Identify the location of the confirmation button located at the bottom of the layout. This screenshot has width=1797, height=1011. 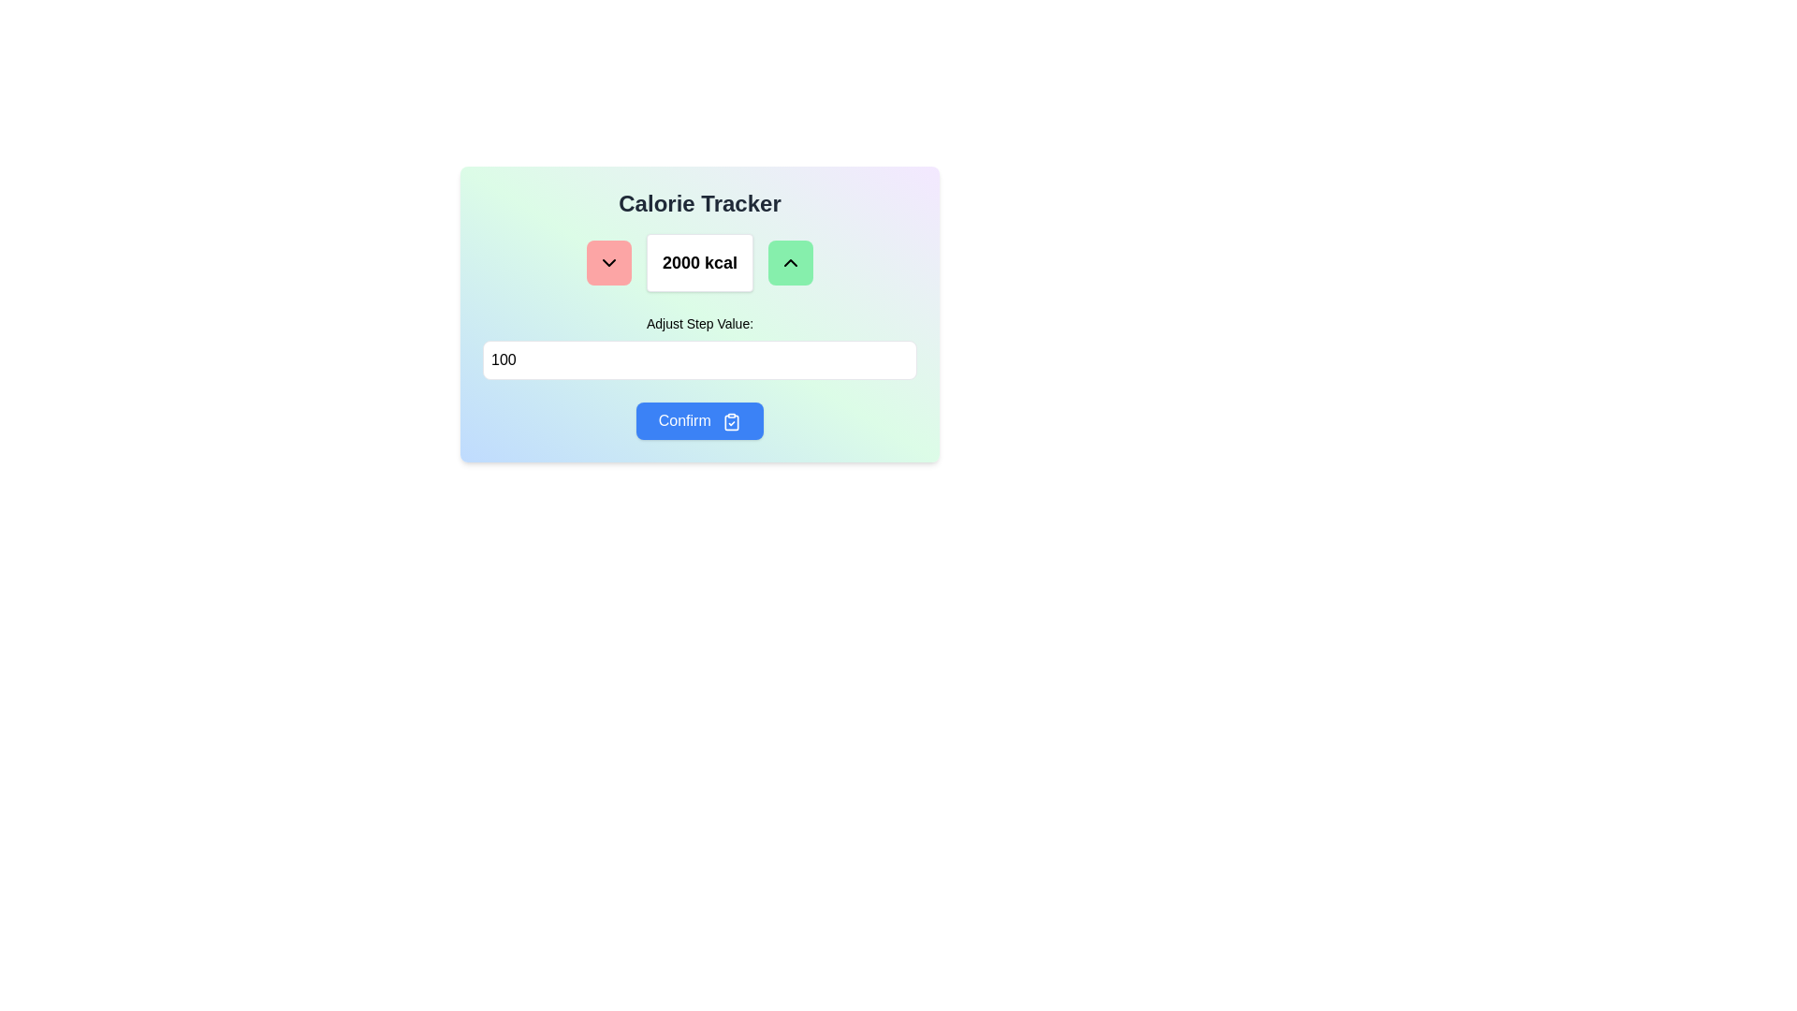
(699, 421).